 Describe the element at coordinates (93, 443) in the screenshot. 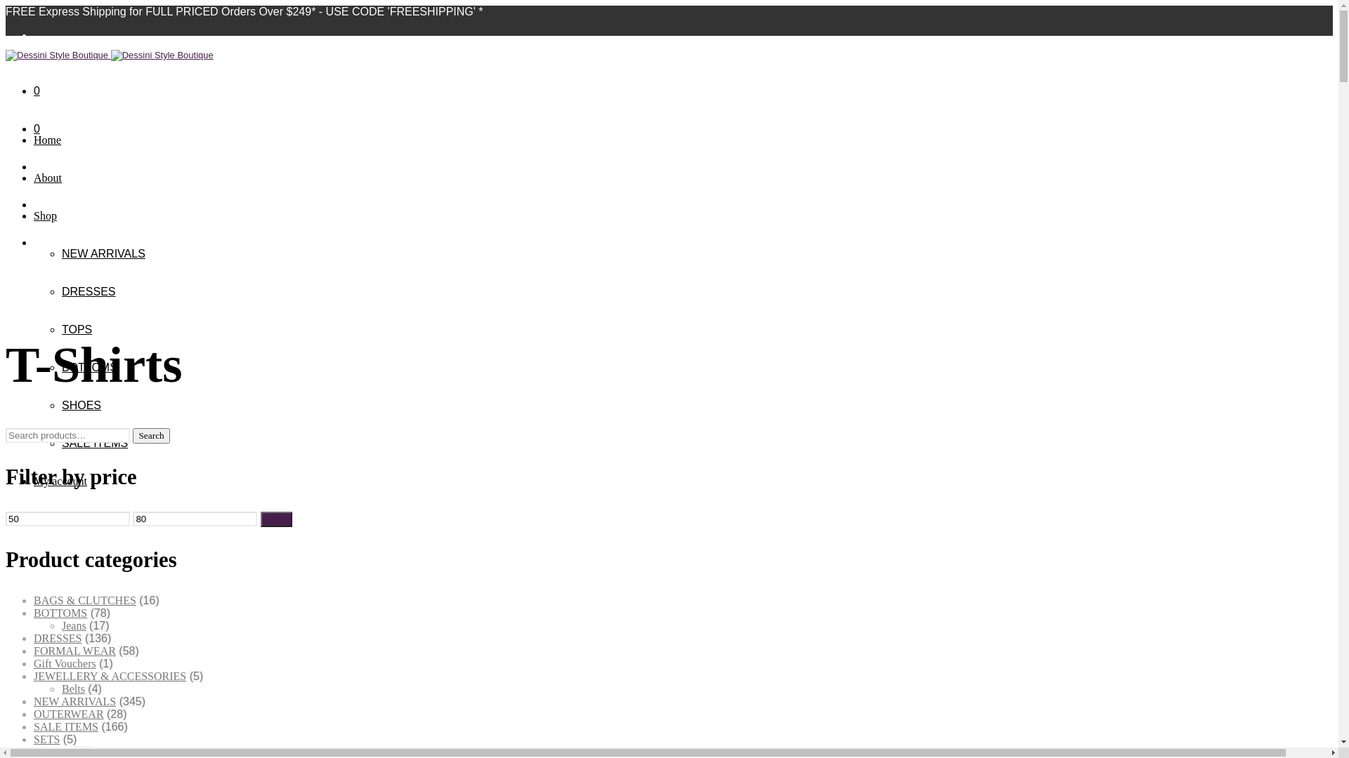

I see `'SALE ITEMS'` at that location.